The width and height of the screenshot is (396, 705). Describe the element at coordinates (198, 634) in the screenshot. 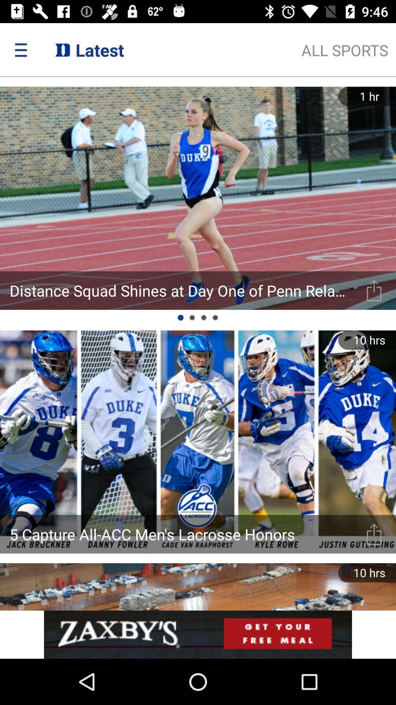

I see `advertisements website` at that location.